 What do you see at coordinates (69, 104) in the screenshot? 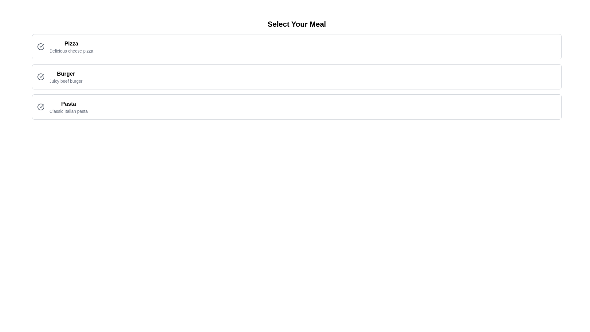
I see `the 'Pasta' meal selection title text label, which is the main descriptor for the corresponding meal option located at the top of the third section in a vertical list` at bounding box center [69, 104].